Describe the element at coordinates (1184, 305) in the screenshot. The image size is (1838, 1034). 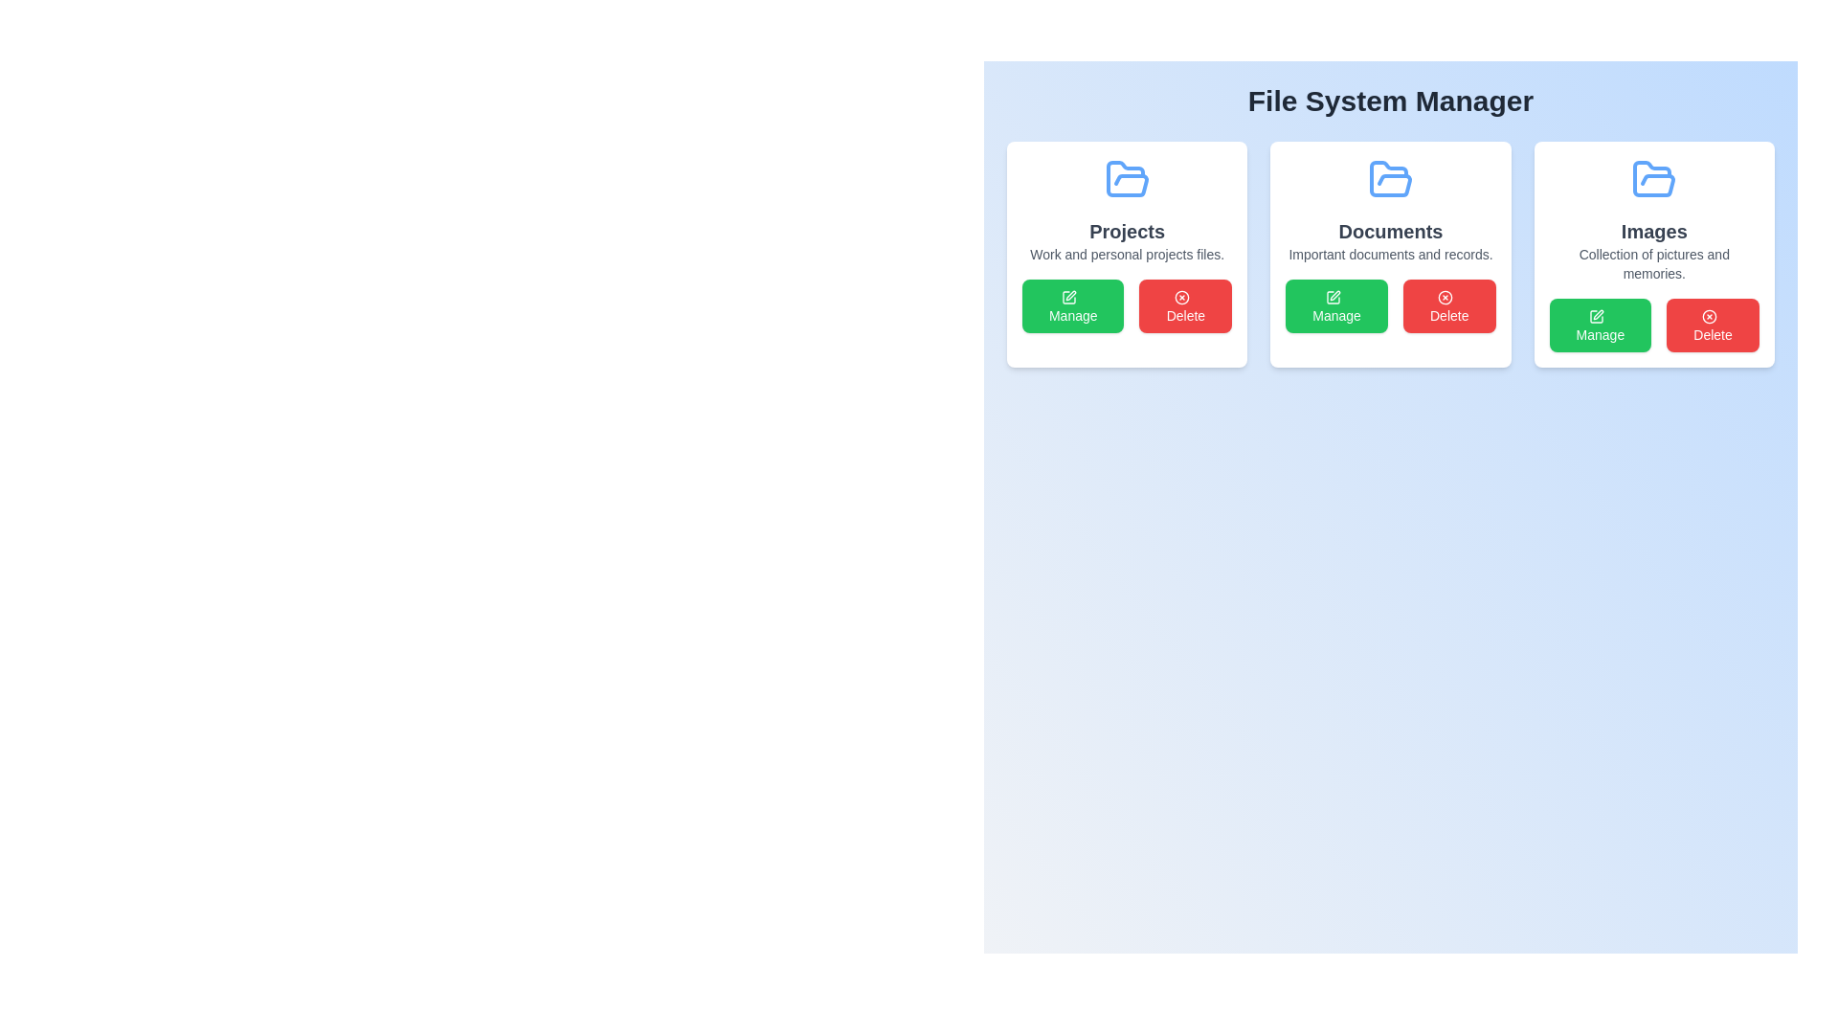
I see `the red 'Delete' button with white text and an 'X' icon` at that location.